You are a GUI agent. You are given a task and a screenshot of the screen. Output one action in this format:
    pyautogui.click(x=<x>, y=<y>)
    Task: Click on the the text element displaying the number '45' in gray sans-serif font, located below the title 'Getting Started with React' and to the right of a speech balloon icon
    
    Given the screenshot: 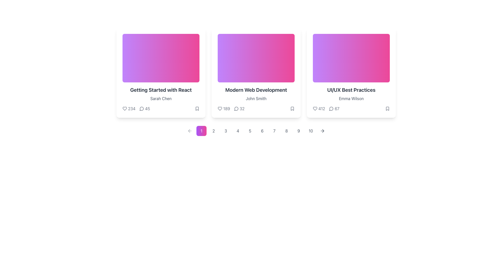 What is the action you would take?
    pyautogui.click(x=147, y=108)
    